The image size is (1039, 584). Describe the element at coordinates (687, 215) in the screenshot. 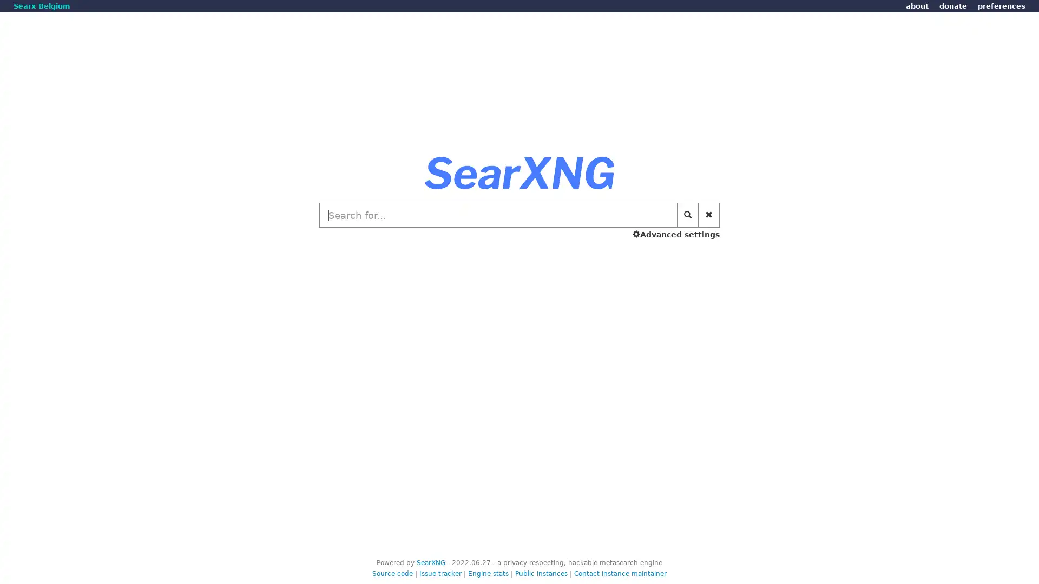

I see `Start search` at that location.